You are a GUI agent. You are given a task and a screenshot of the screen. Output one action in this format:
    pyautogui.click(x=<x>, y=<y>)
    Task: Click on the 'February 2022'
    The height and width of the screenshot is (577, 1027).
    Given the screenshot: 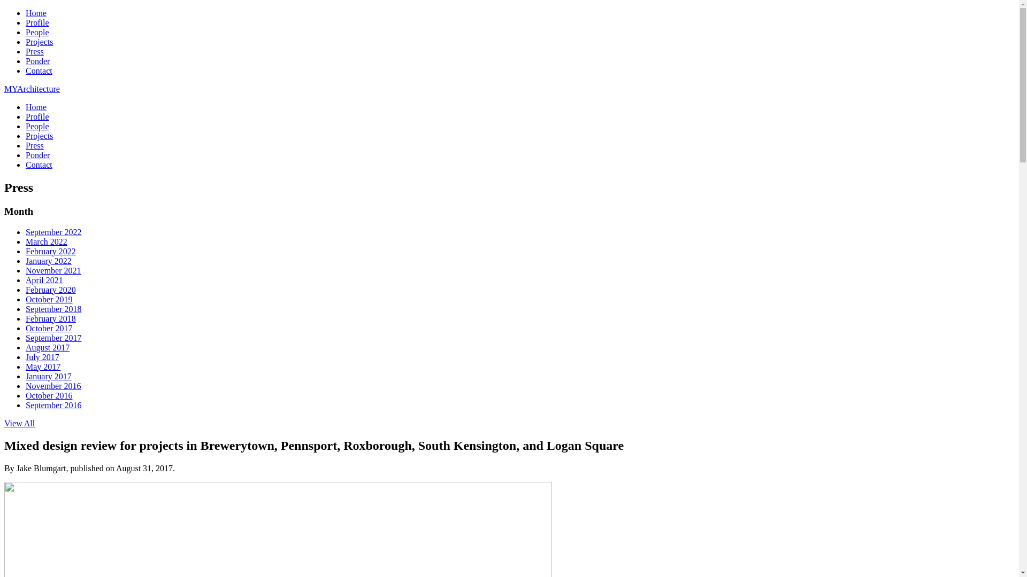 What is the action you would take?
    pyautogui.click(x=50, y=251)
    